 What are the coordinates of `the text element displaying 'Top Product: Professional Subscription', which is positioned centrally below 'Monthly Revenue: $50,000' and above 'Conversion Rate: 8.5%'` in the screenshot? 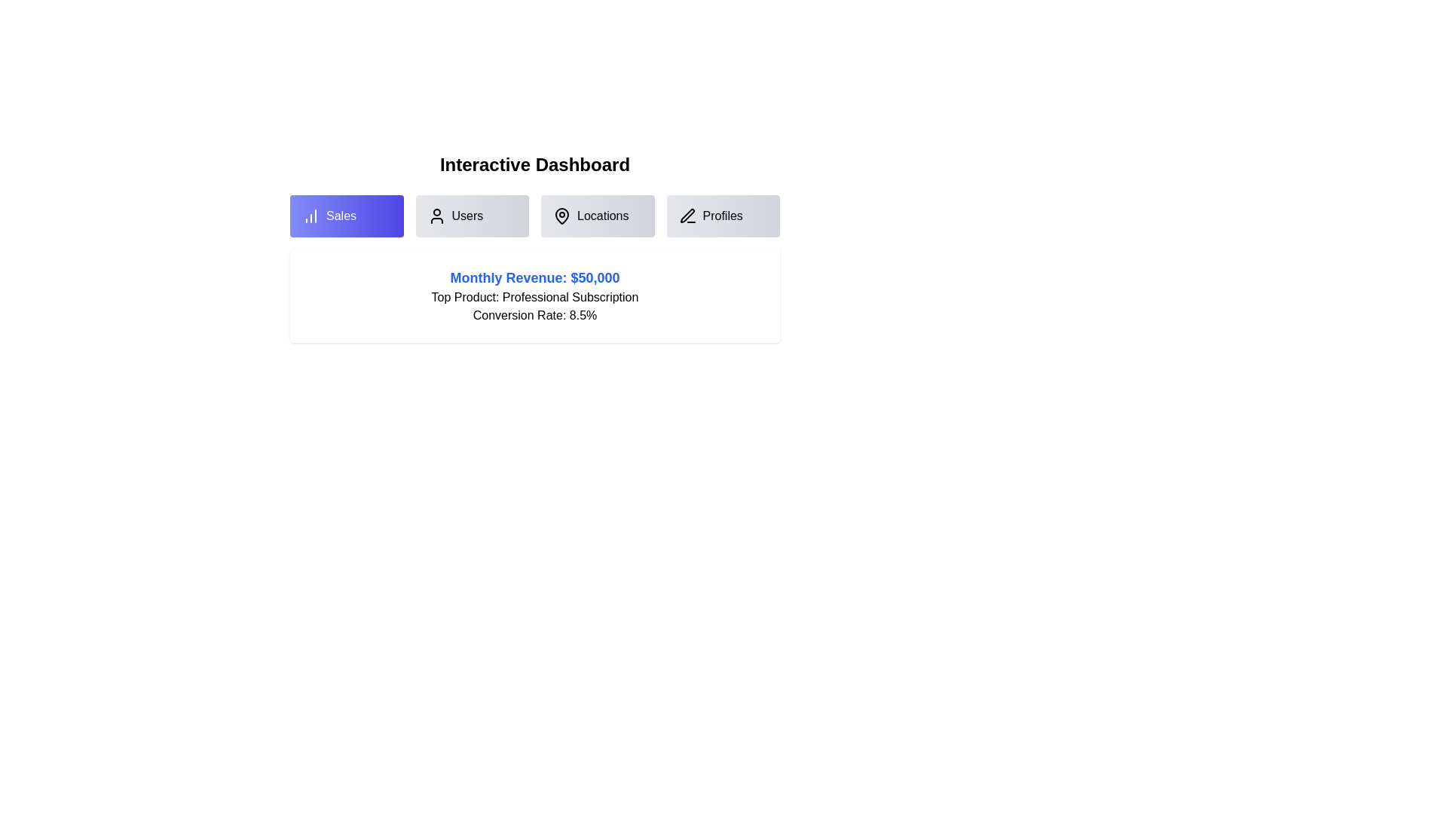 It's located at (535, 297).